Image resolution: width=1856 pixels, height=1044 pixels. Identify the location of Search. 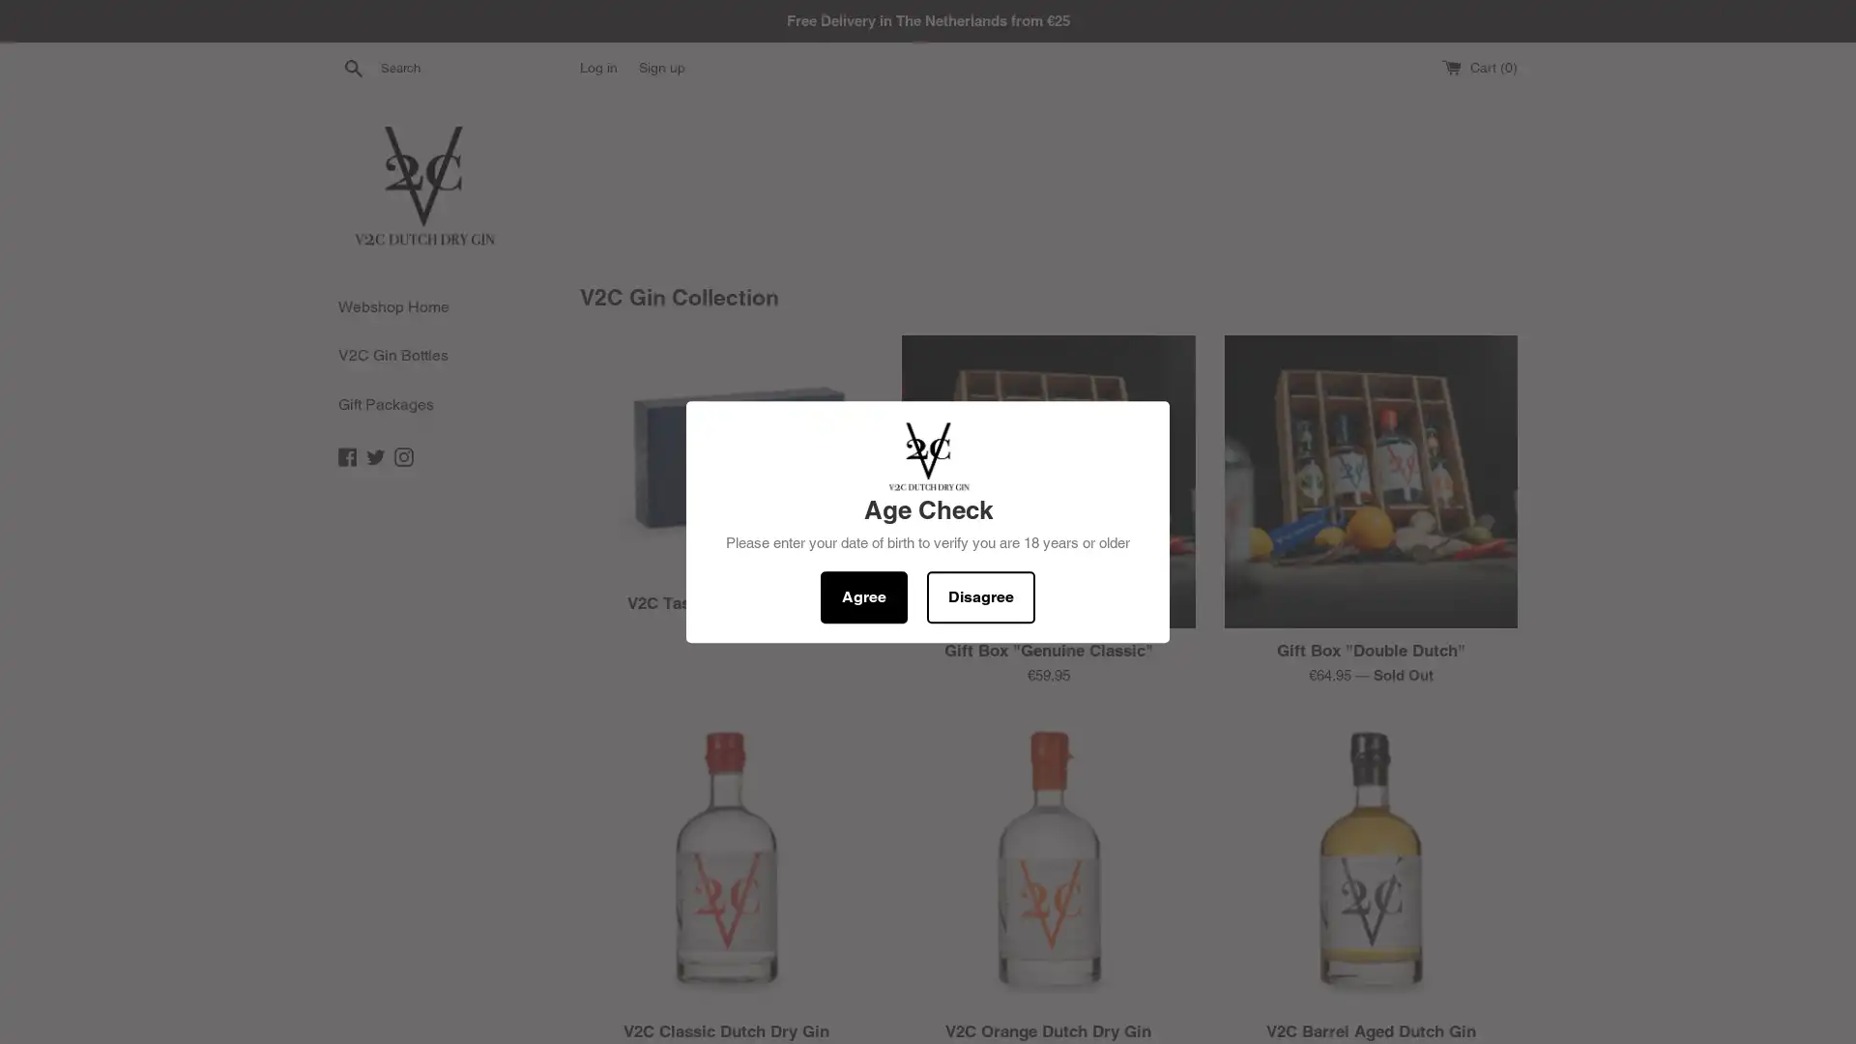
(353, 66).